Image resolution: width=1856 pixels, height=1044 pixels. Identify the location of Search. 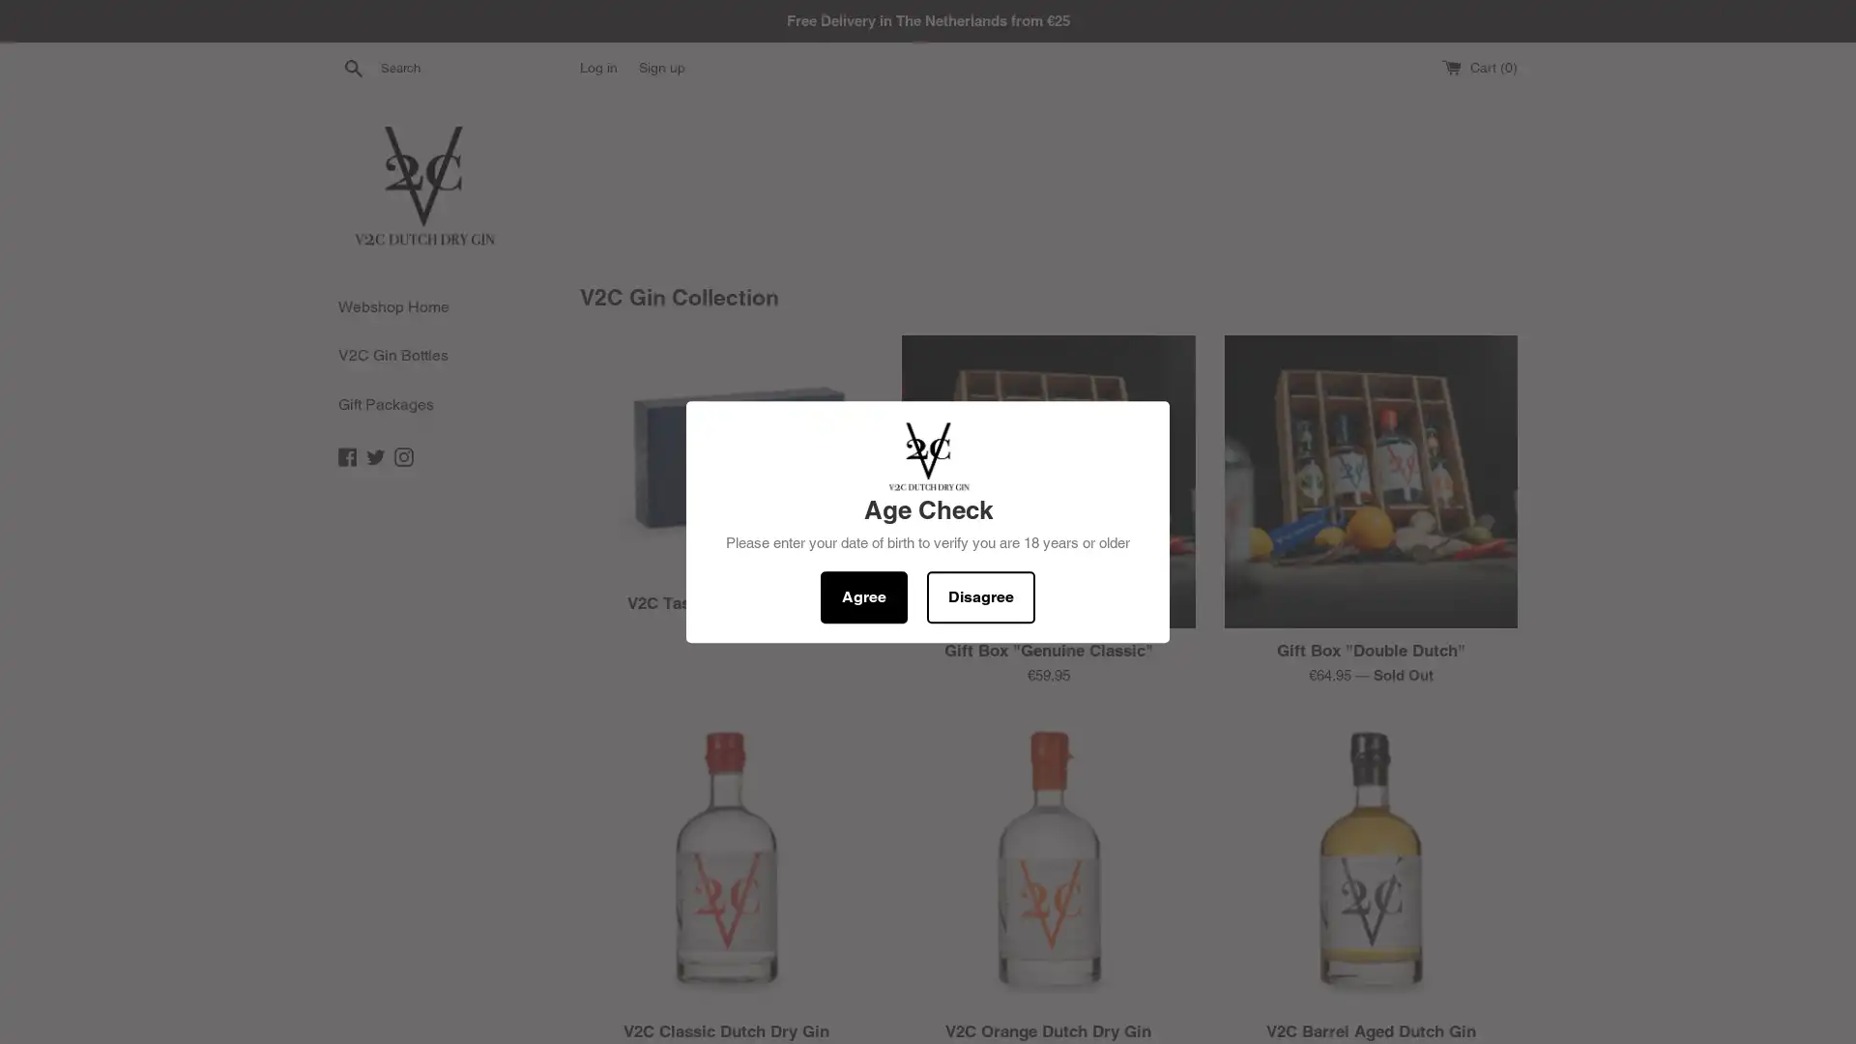
(353, 66).